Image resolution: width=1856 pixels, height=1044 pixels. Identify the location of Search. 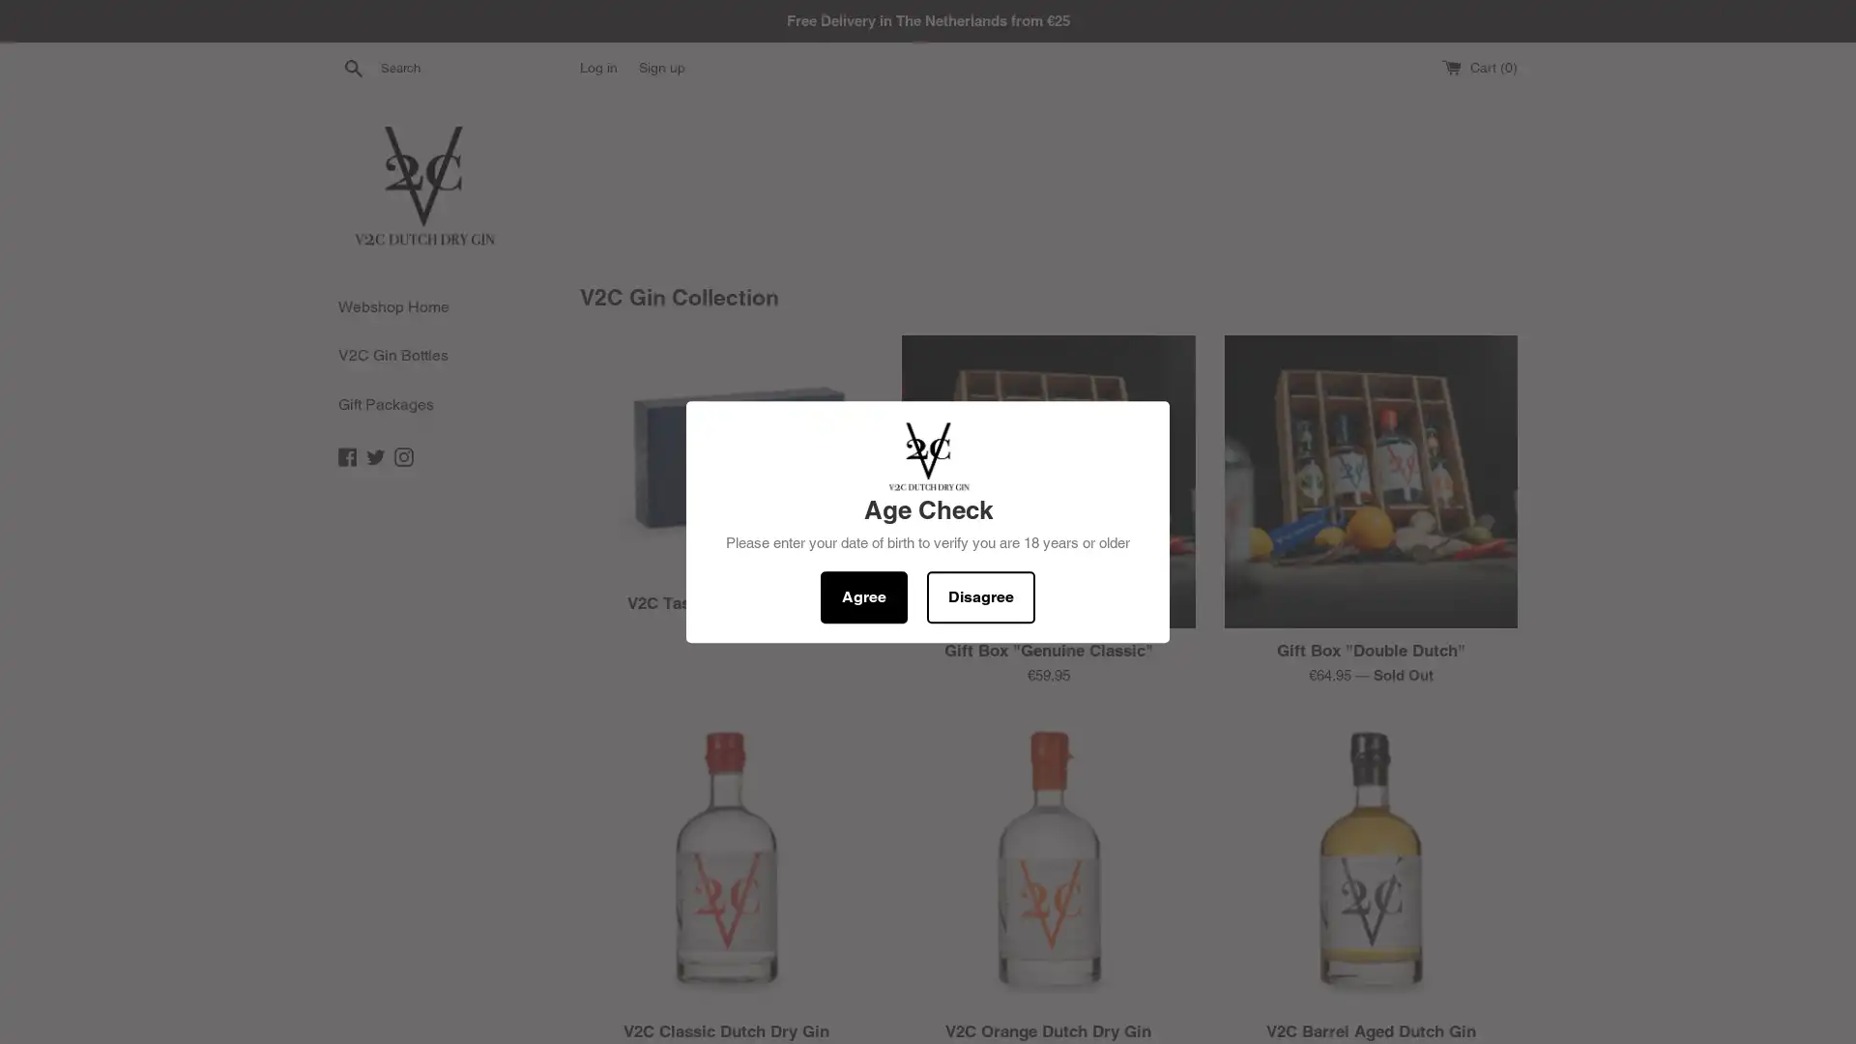
(353, 66).